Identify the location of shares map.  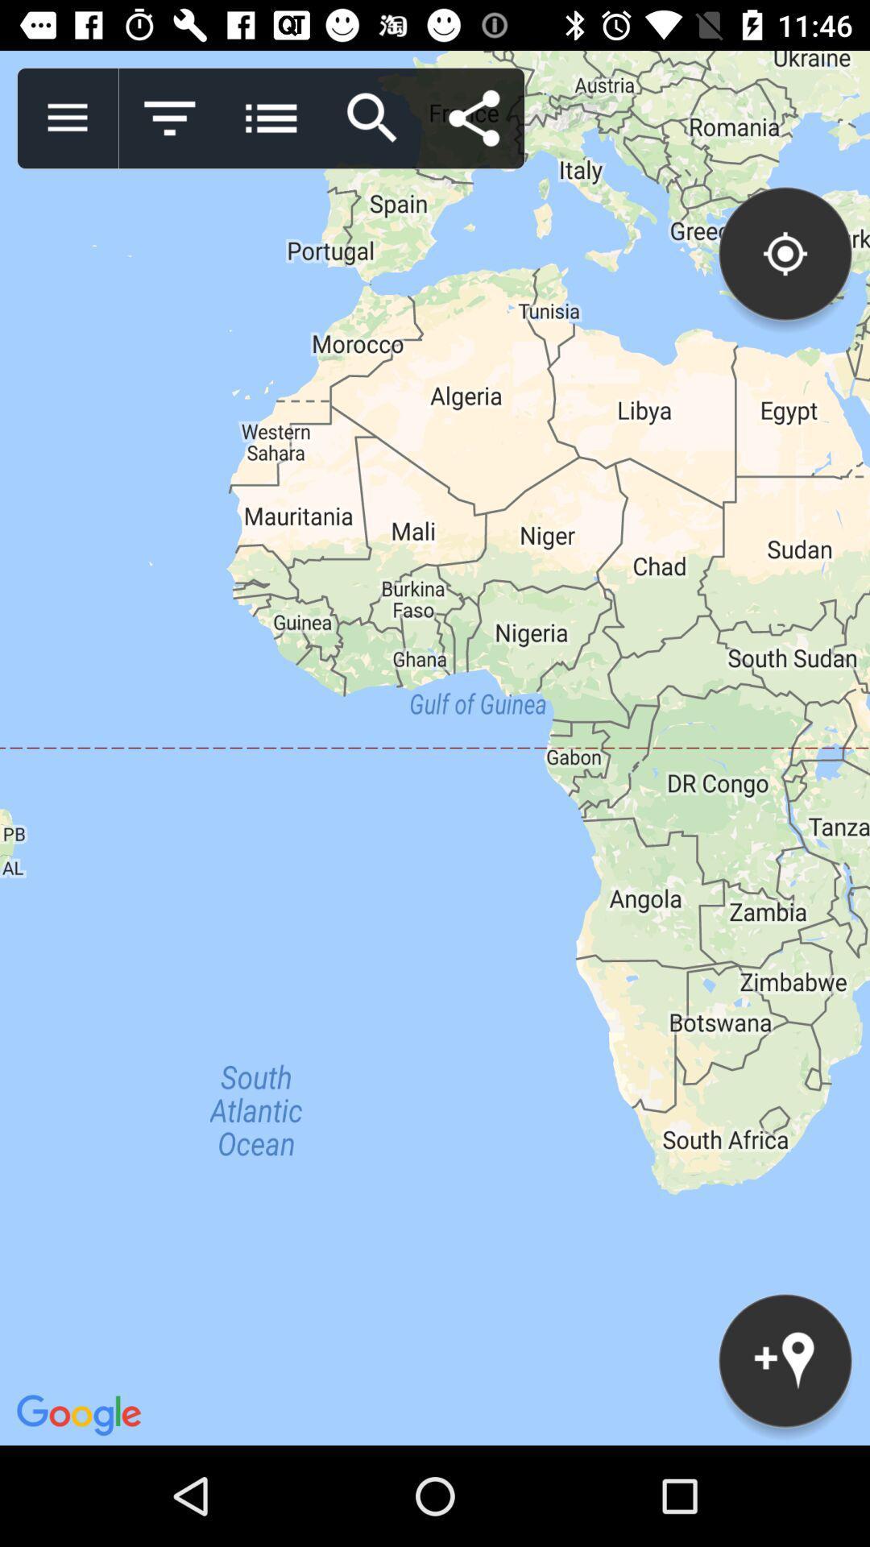
(473, 118).